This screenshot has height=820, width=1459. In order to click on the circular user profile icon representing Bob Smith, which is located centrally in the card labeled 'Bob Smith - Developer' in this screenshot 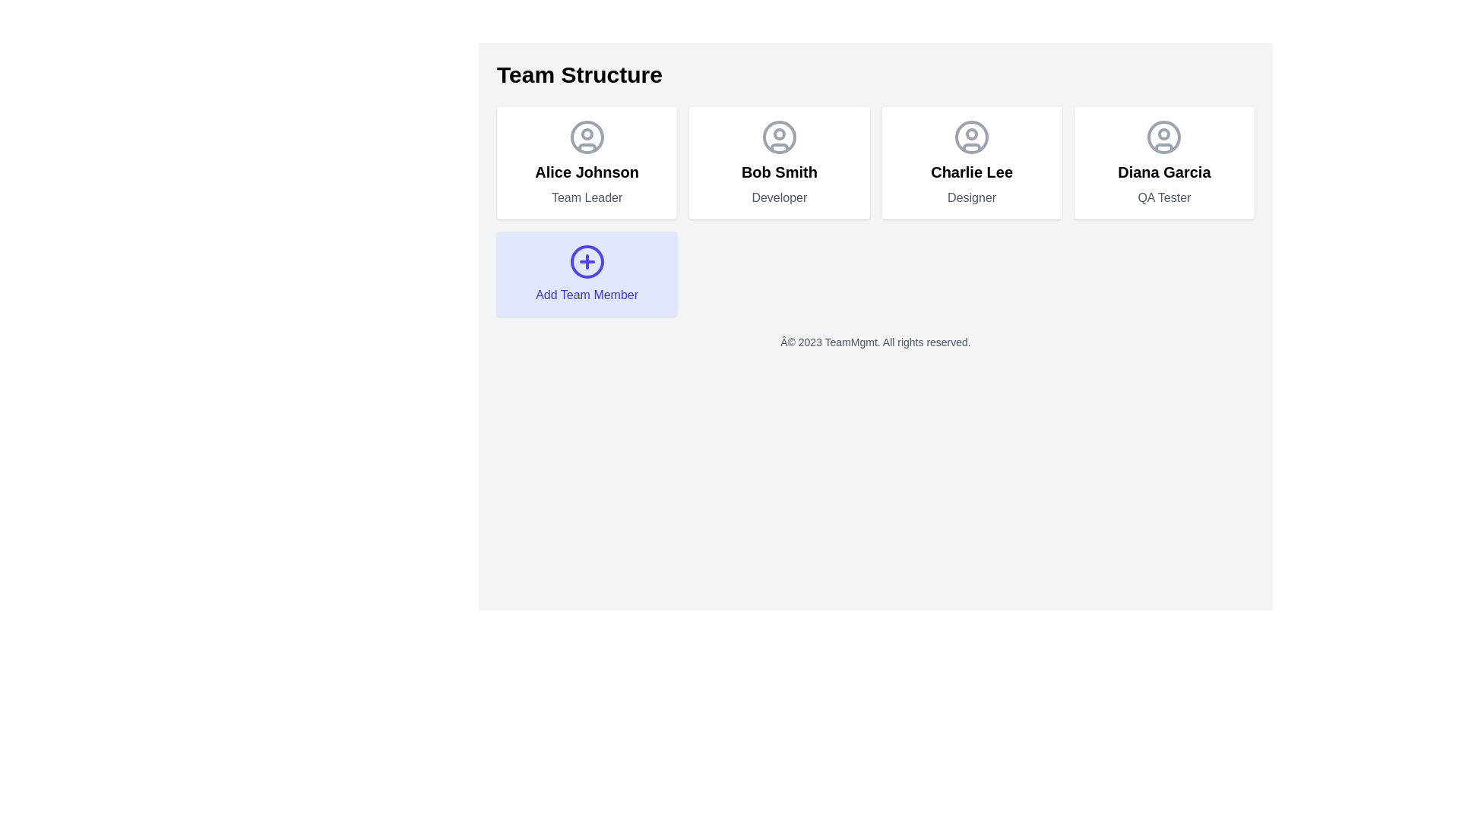, I will do `click(779, 137)`.